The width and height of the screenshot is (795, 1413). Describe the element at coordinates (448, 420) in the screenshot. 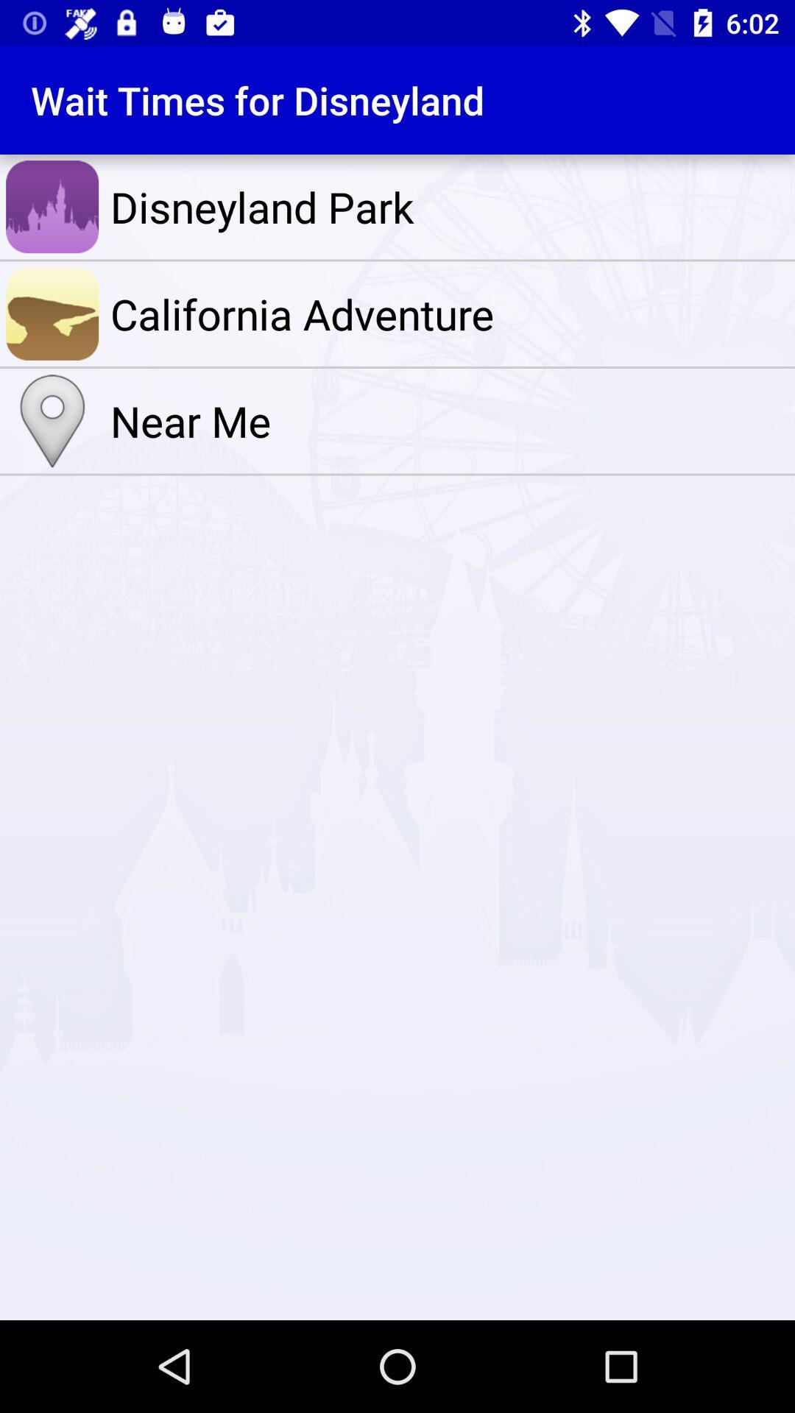

I see `the icon below the california adventure item` at that location.